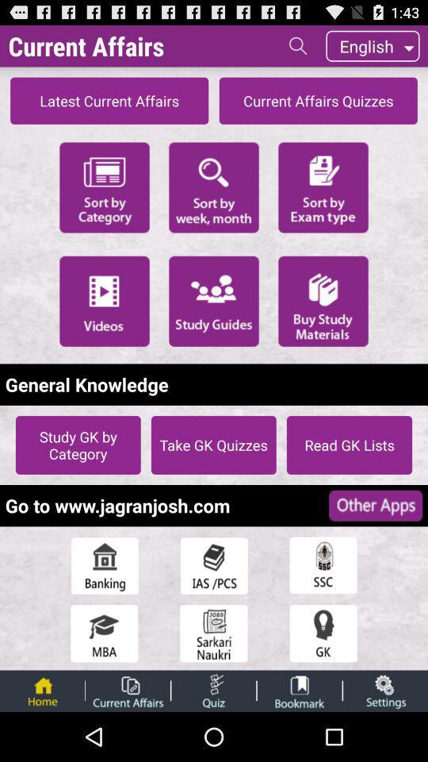 This screenshot has height=762, width=428. What do you see at coordinates (127, 690) in the screenshot?
I see `open current affairs` at bounding box center [127, 690].